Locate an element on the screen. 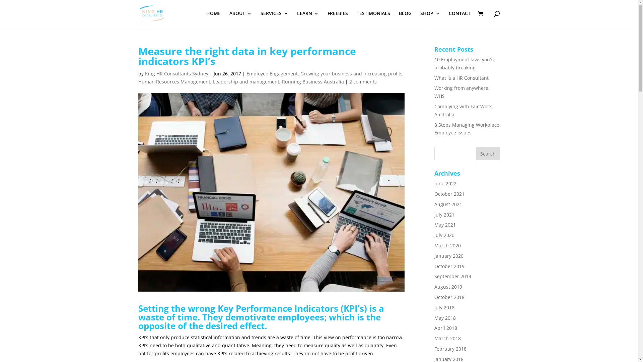 The height and width of the screenshot is (362, 643). 'SHOP' is located at coordinates (430, 18).